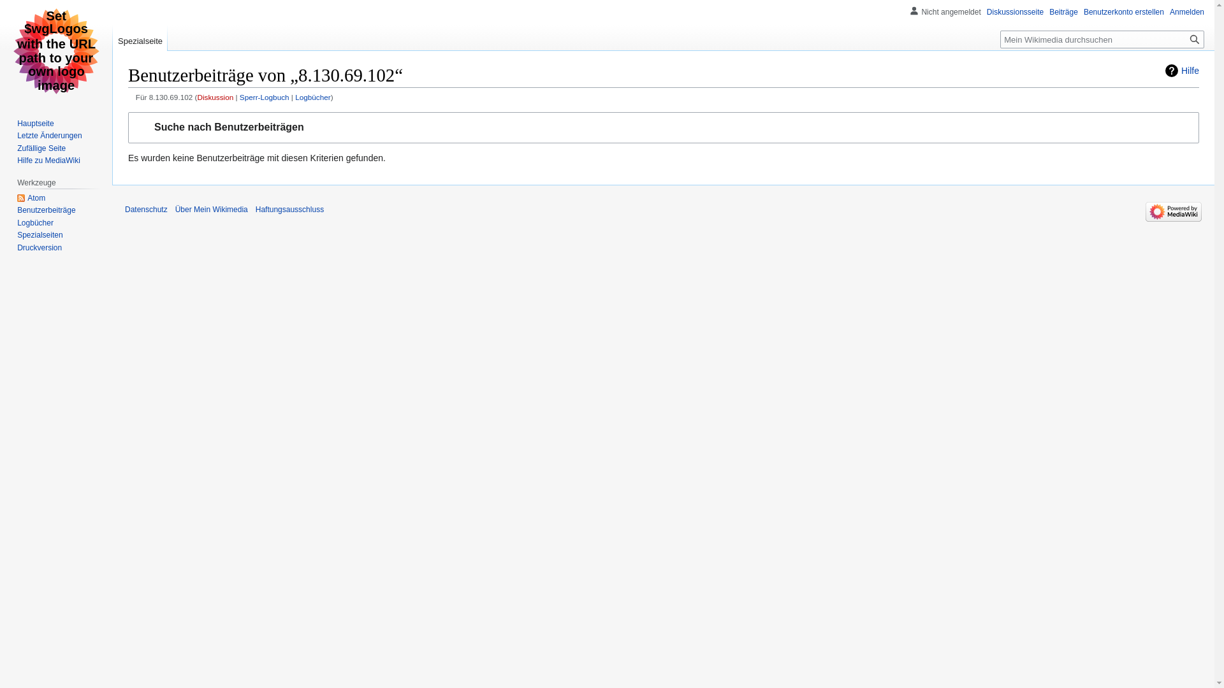 The width and height of the screenshot is (1224, 688). Describe the element at coordinates (196, 96) in the screenshot. I see `'Diskussion'` at that location.